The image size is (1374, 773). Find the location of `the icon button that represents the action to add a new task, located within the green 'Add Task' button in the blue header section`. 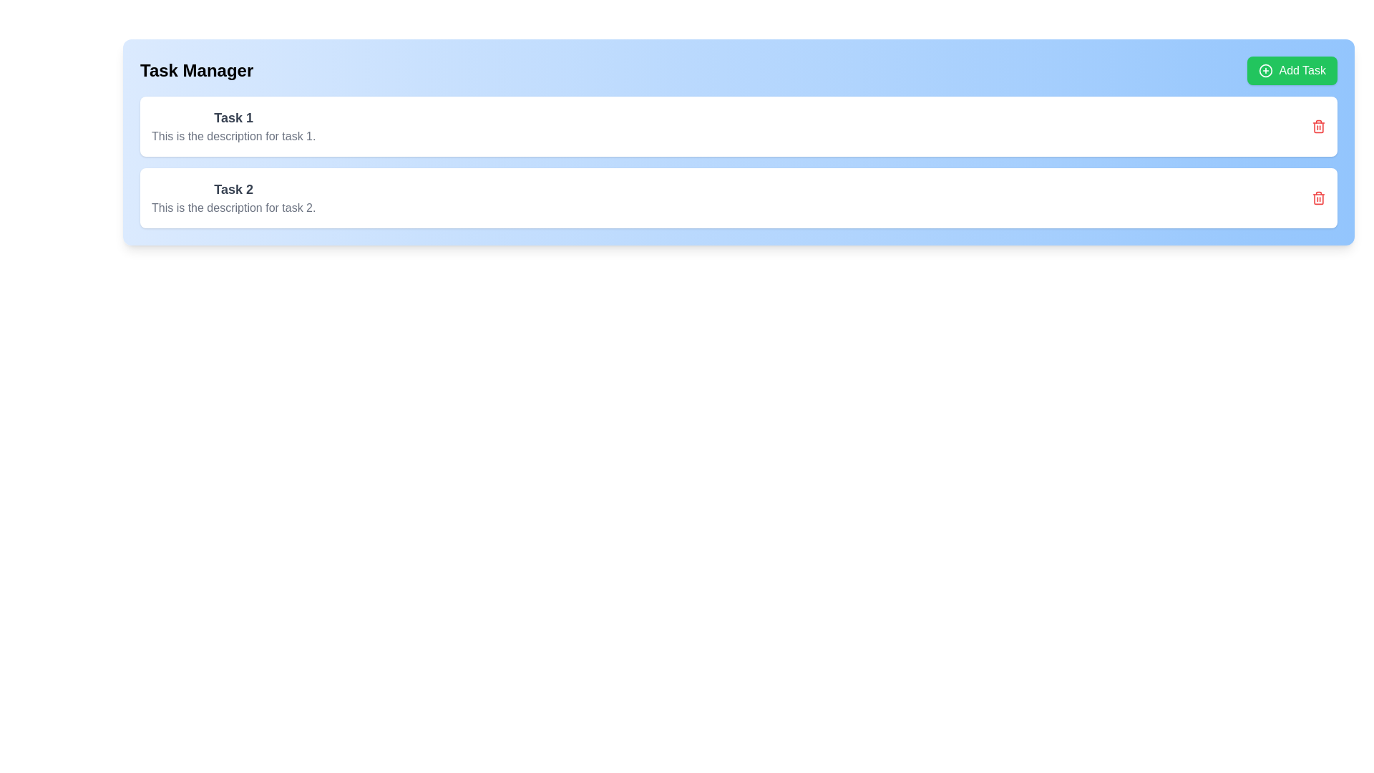

the icon button that represents the action to add a new task, located within the green 'Add Task' button in the blue header section is located at coordinates (1266, 71).